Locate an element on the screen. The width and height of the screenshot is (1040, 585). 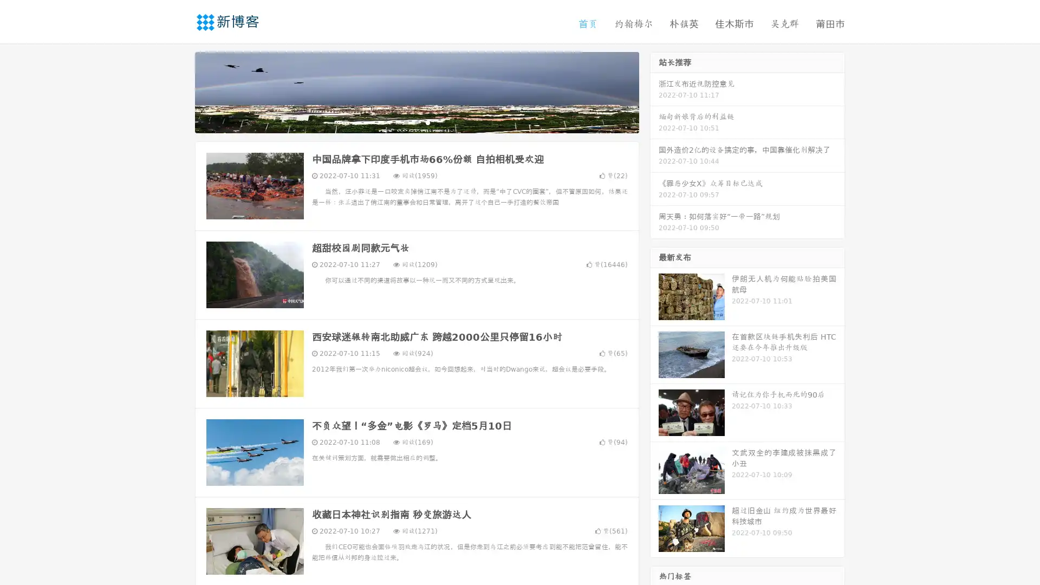
Next slide is located at coordinates (654, 91).